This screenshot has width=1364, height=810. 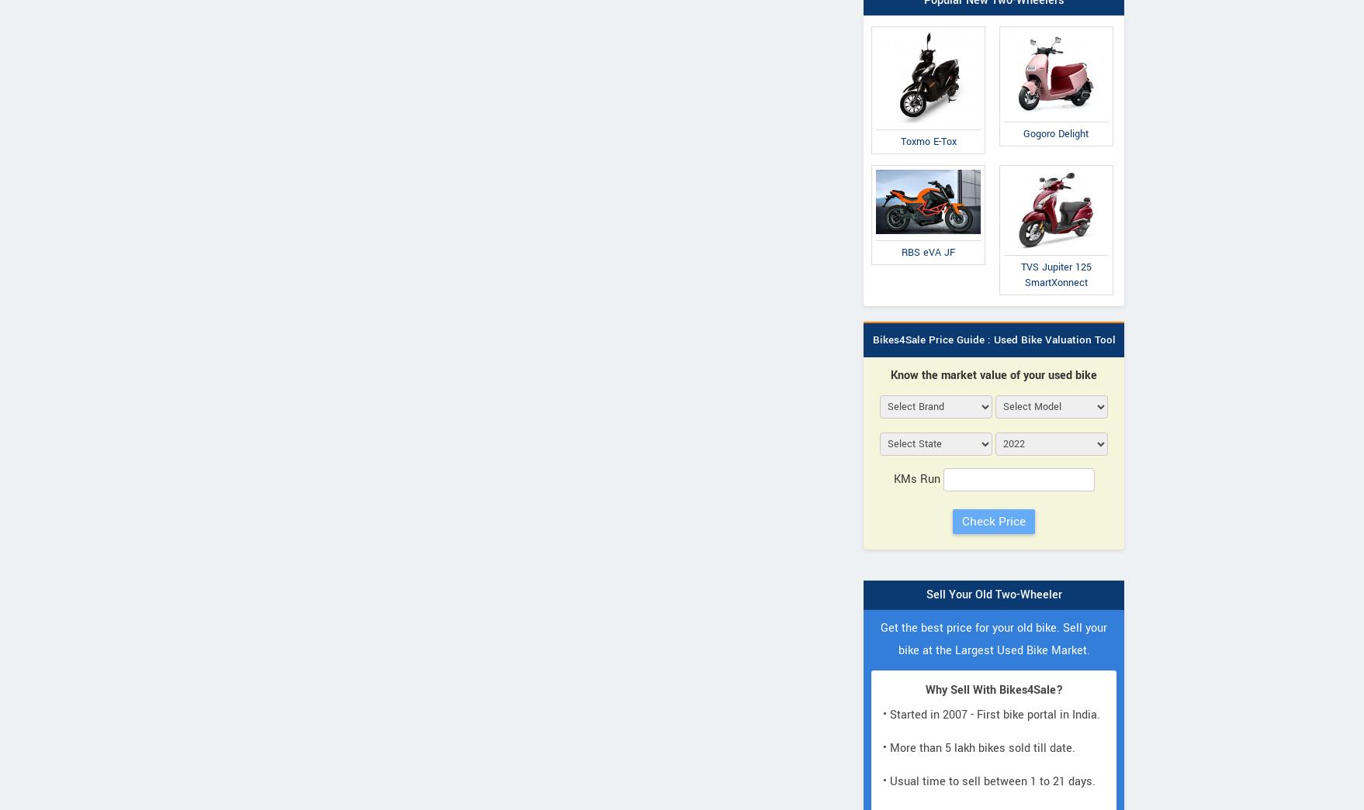 What do you see at coordinates (994, 637) in the screenshot?
I see `'Get the best price for your old bike. Sell your bike at the Largest Used Bike Market.'` at bounding box center [994, 637].